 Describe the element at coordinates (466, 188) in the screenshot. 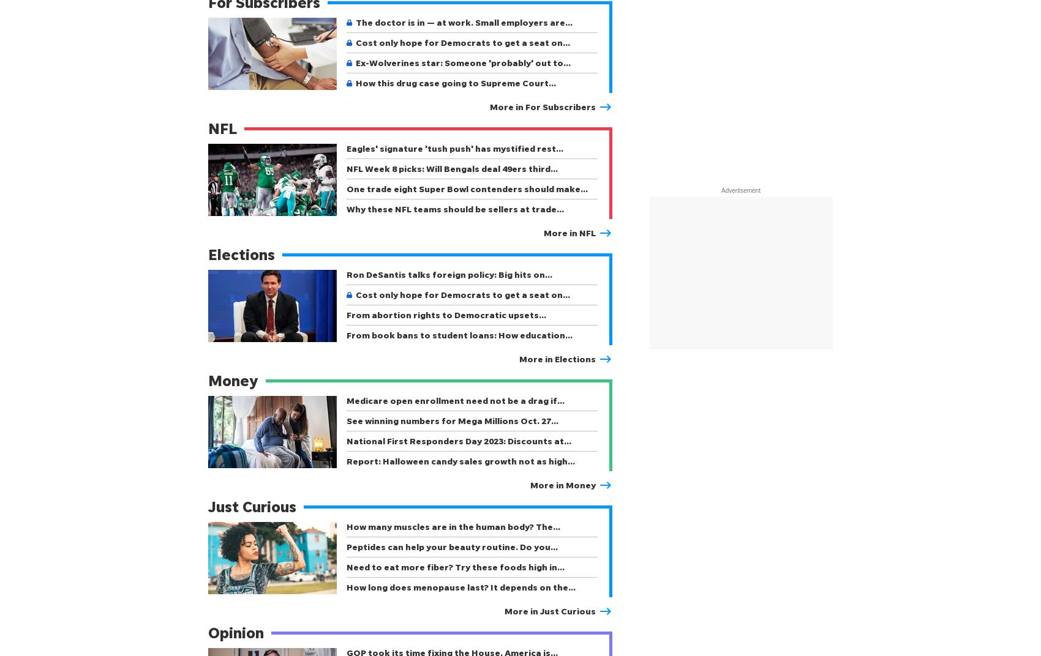

I see `'One trade eight Super Bowl contenders should make…'` at that location.